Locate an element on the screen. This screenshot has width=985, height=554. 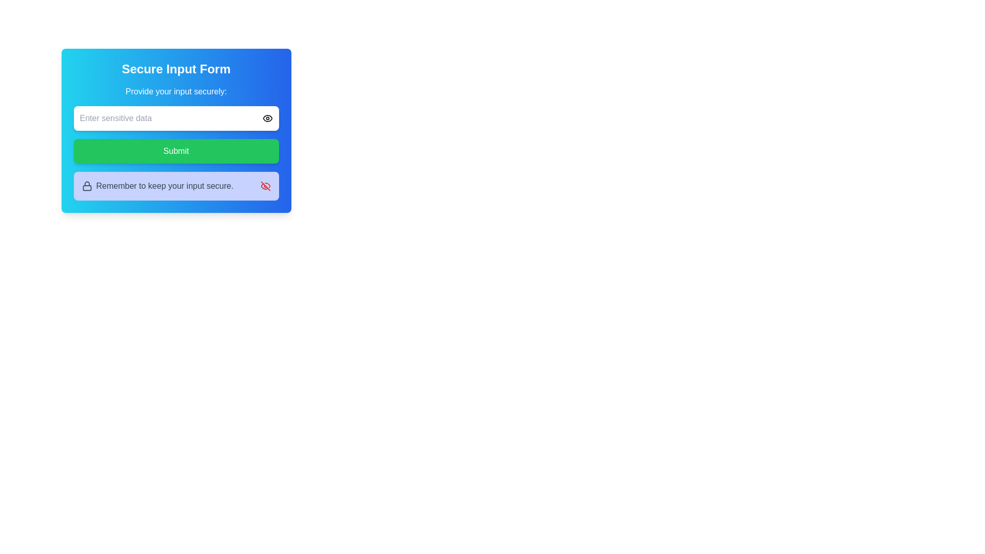
the 'Submit' button, which is a rectangular button with a vibrant green background and white text, located in the middle section of the form below the 'Enter sensitive data' input field is located at coordinates (176, 151).